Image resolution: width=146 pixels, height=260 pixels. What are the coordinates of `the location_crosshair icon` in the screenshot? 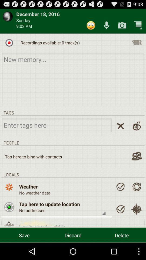 It's located at (136, 224).